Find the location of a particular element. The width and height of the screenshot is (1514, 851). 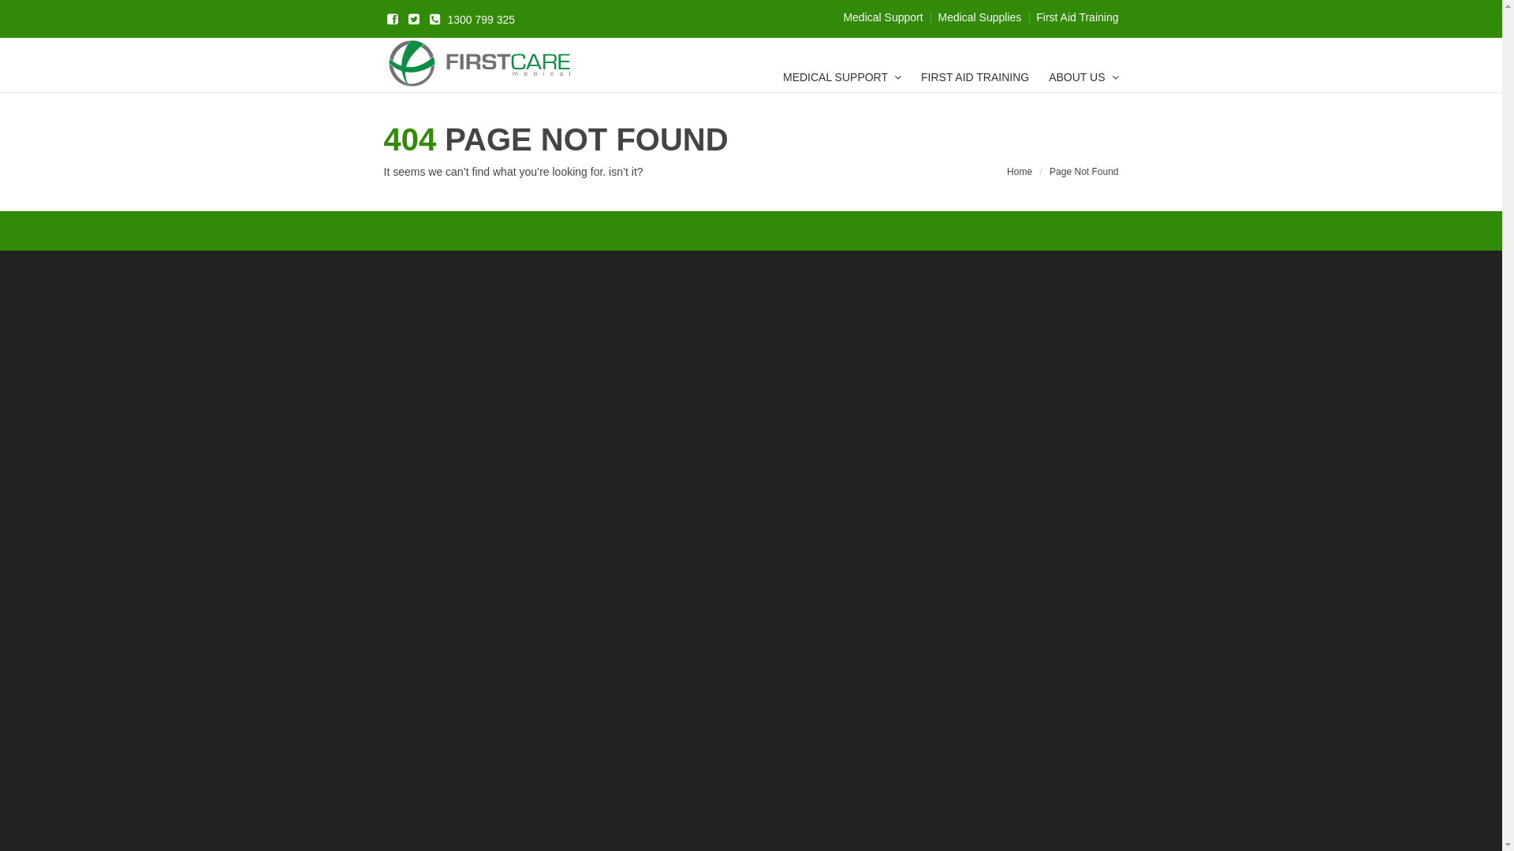

'MEDICAL SUPPORT' is located at coordinates (841, 78).